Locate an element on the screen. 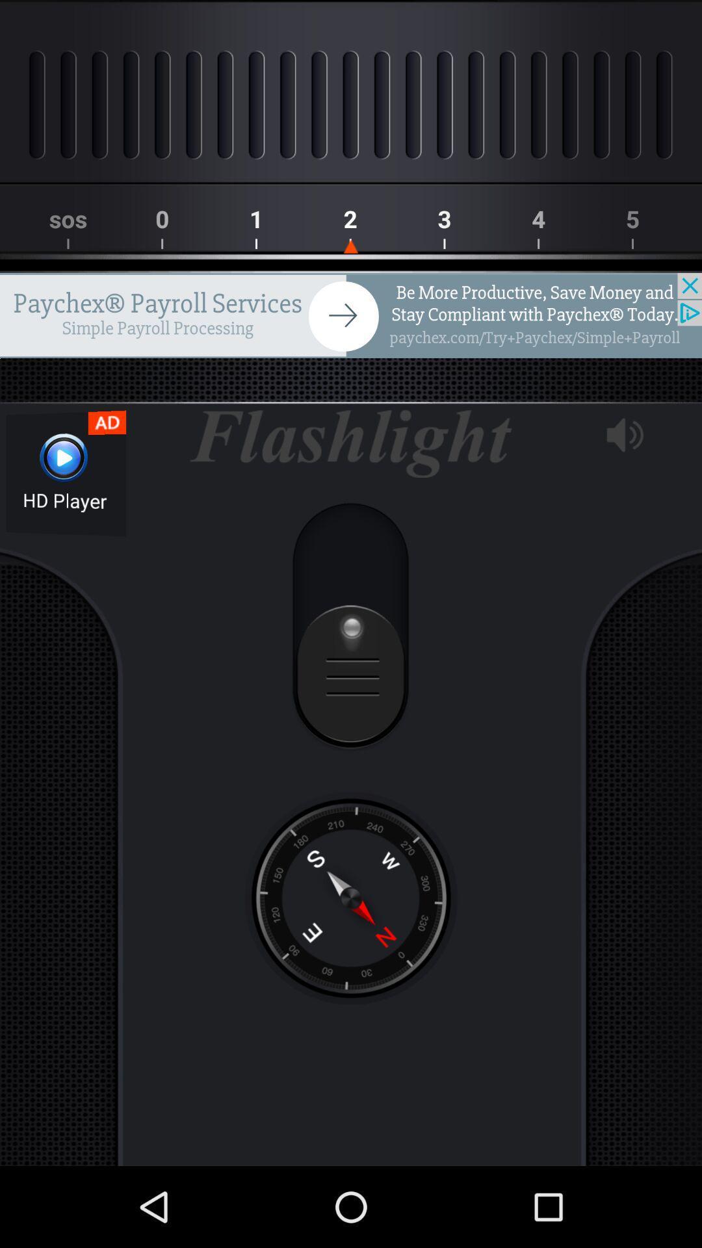 This screenshot has height=1248, width=702. the volume icon is located at coordinates (624, 435).